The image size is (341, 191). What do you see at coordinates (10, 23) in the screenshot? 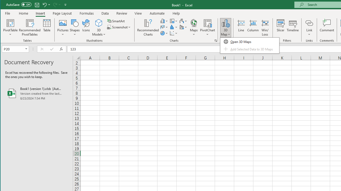
I see `'PivotTable'` at bounding box center [10, 23].